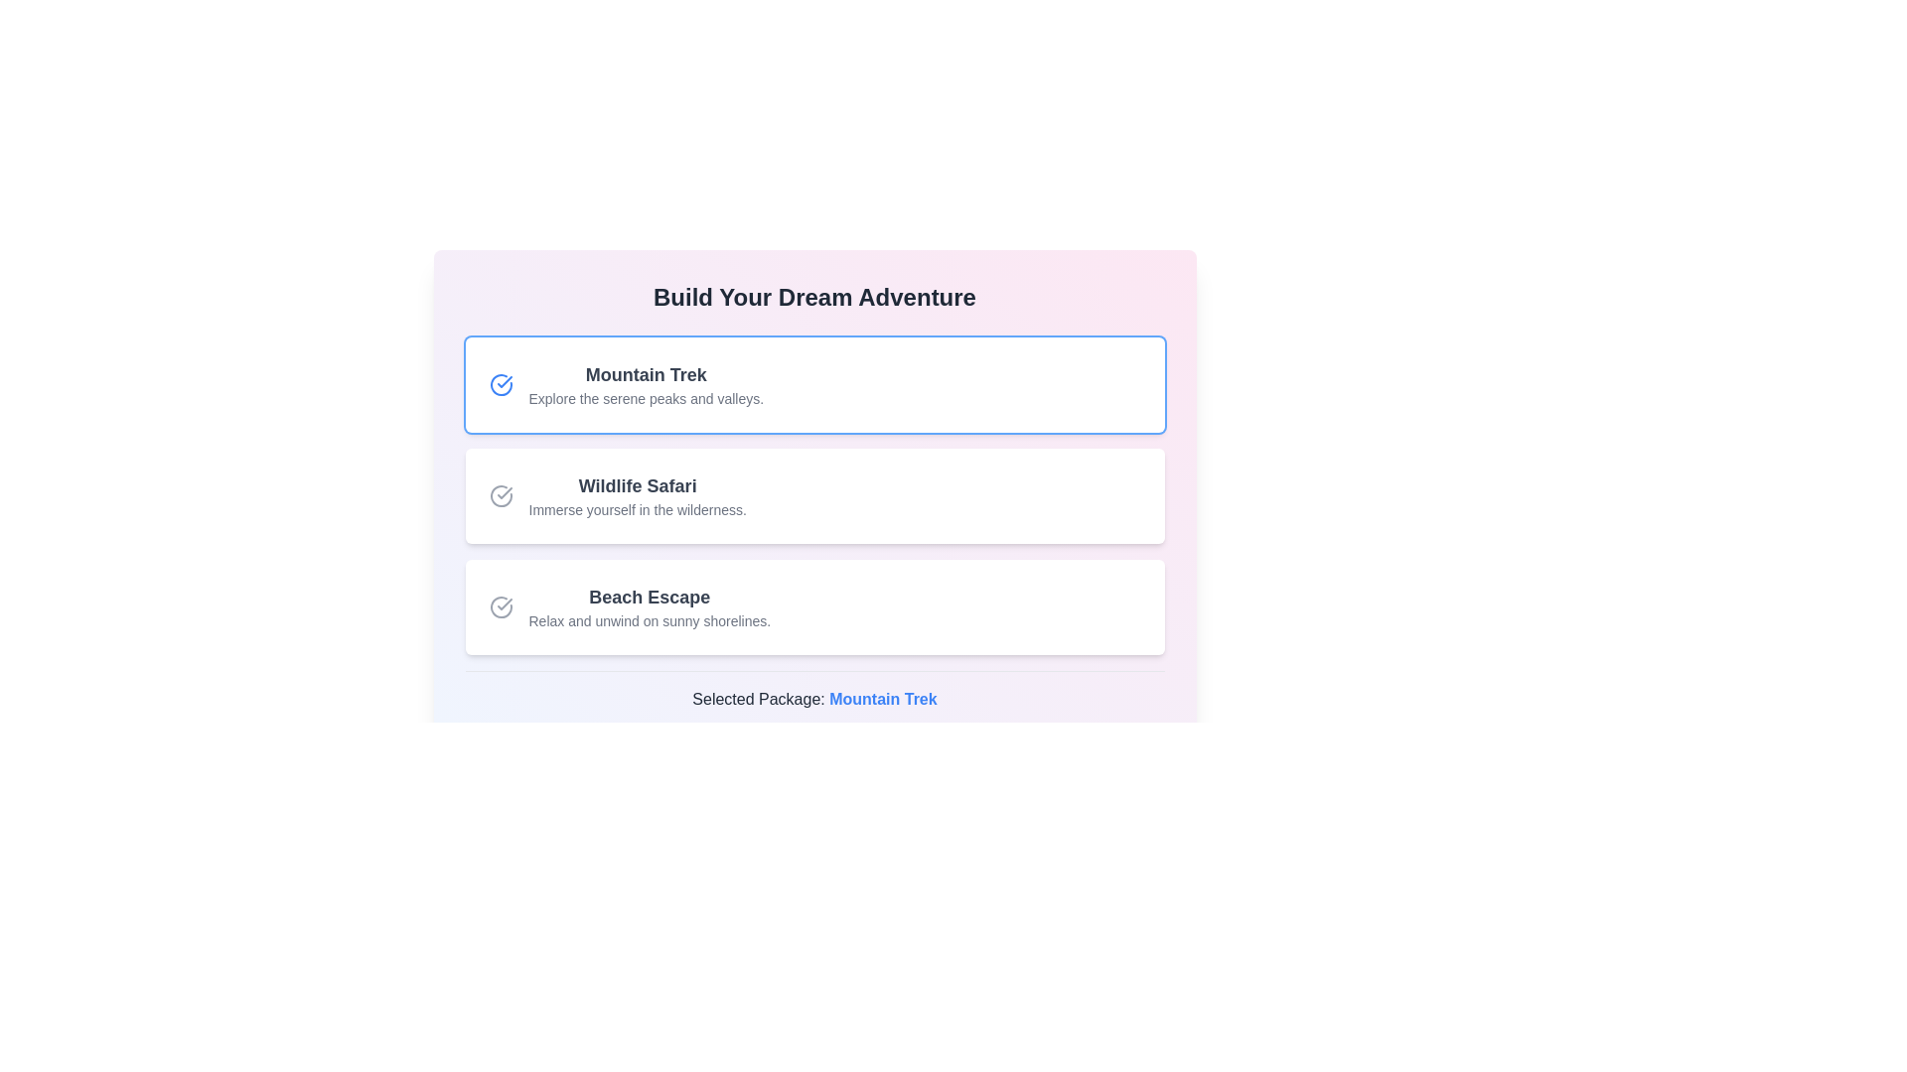 This screenshot has height=1072, width=1907. I want to click on the third selectable list item, so click(814, 606).